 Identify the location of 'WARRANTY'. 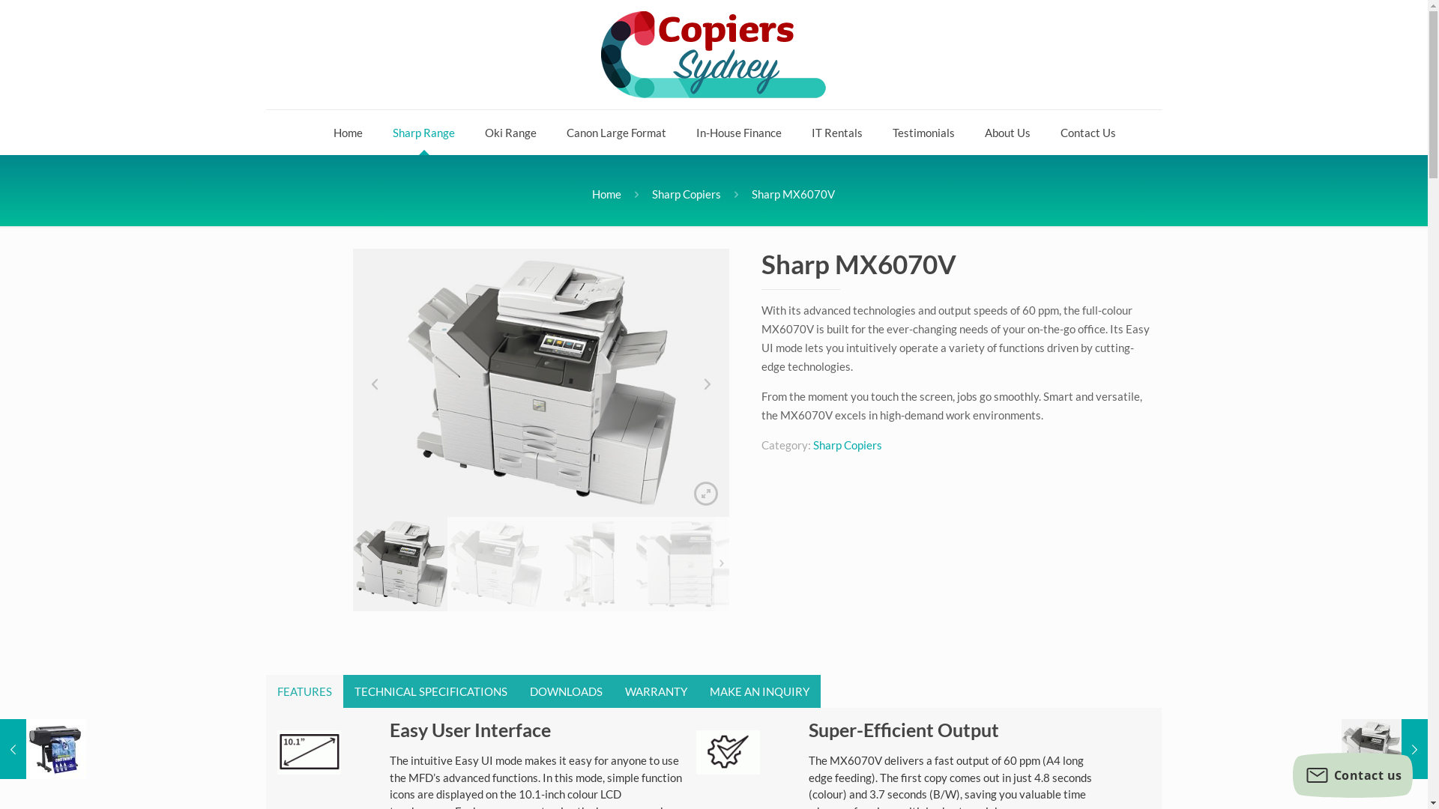
(656, 691).